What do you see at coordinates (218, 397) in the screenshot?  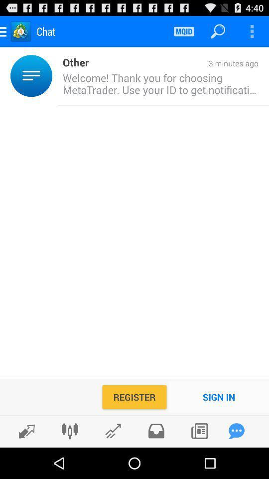 I see `the sign in` at bounding box center [218, 397].